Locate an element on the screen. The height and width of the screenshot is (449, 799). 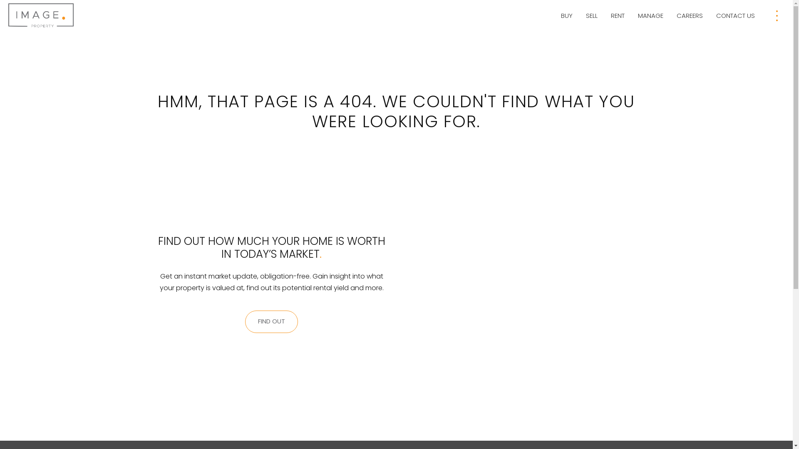
'BUY' is located at coordinates (566, 16).